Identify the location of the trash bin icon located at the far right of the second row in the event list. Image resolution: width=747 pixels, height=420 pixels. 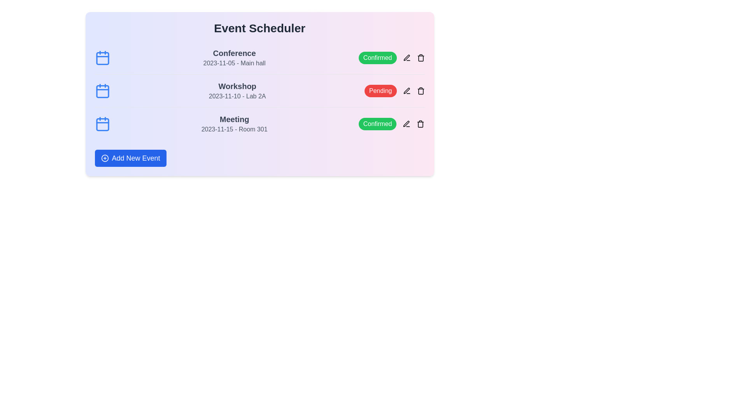
(420, 91).